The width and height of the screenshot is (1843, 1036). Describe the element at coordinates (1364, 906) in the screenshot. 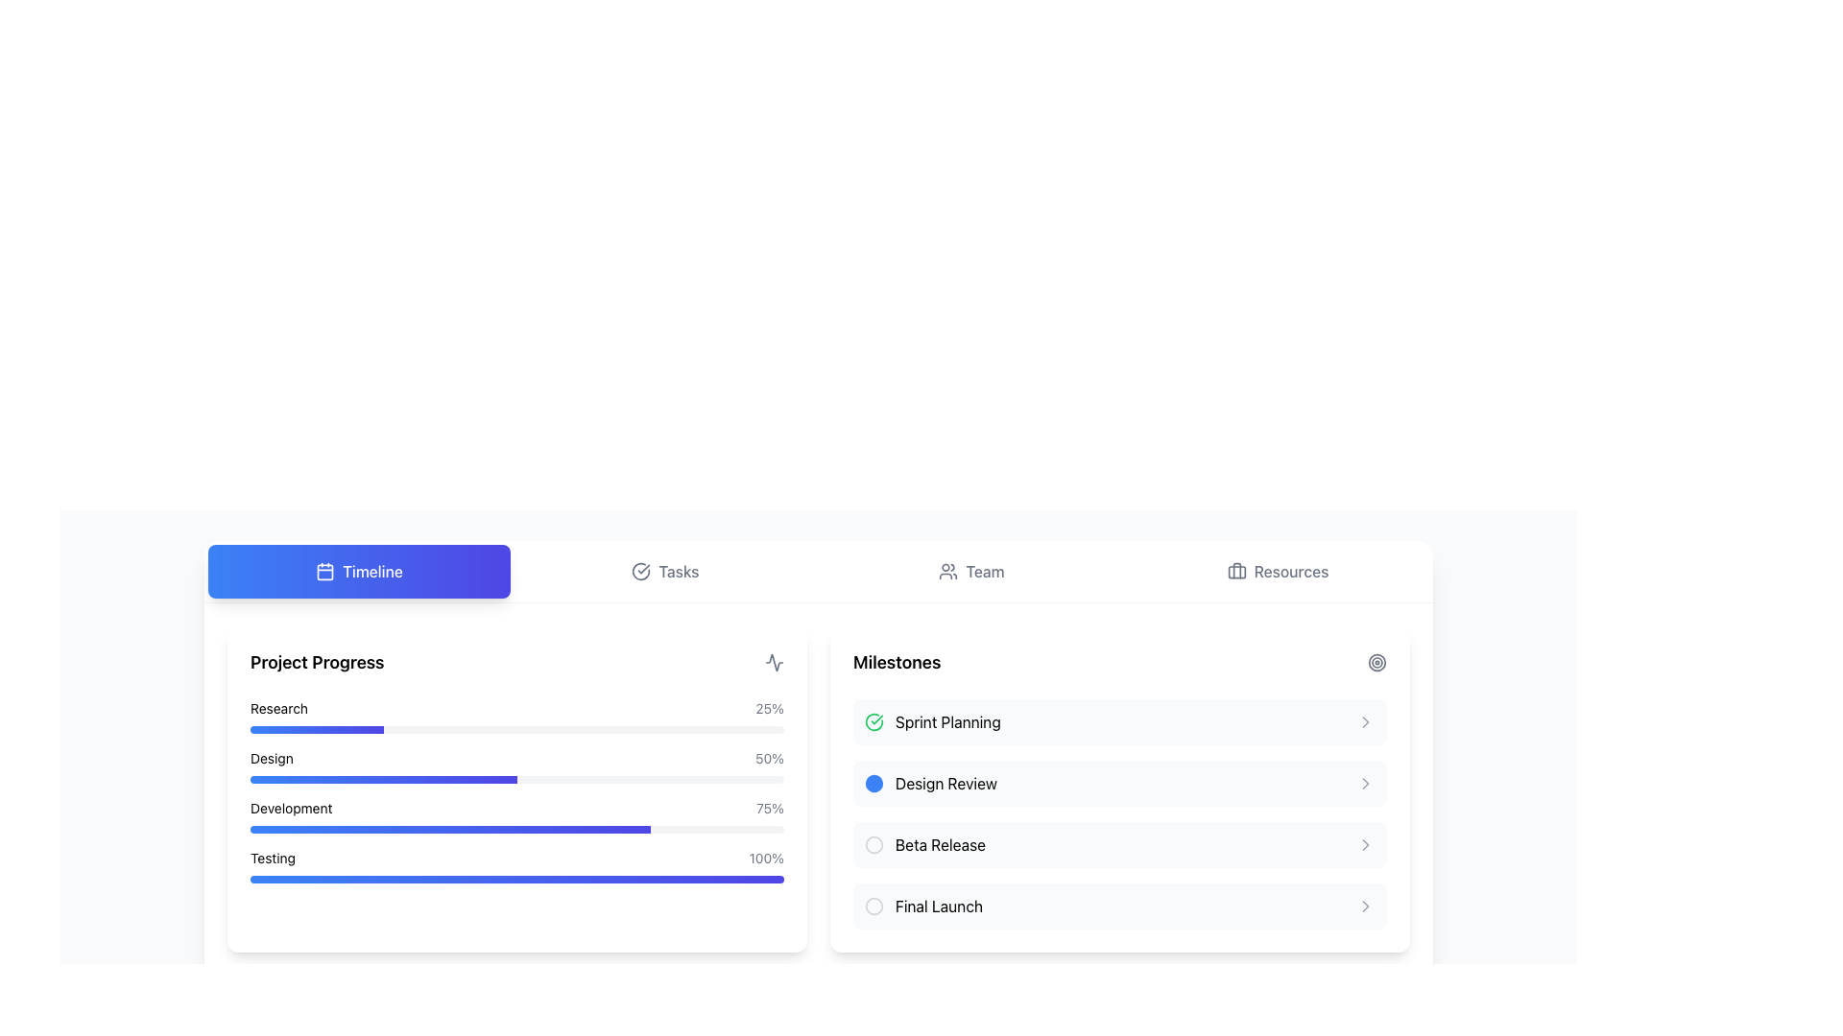

I see `the rightward-pointing chevron icon located in the 'Final Launch' row, positioned at the far right` at that location.